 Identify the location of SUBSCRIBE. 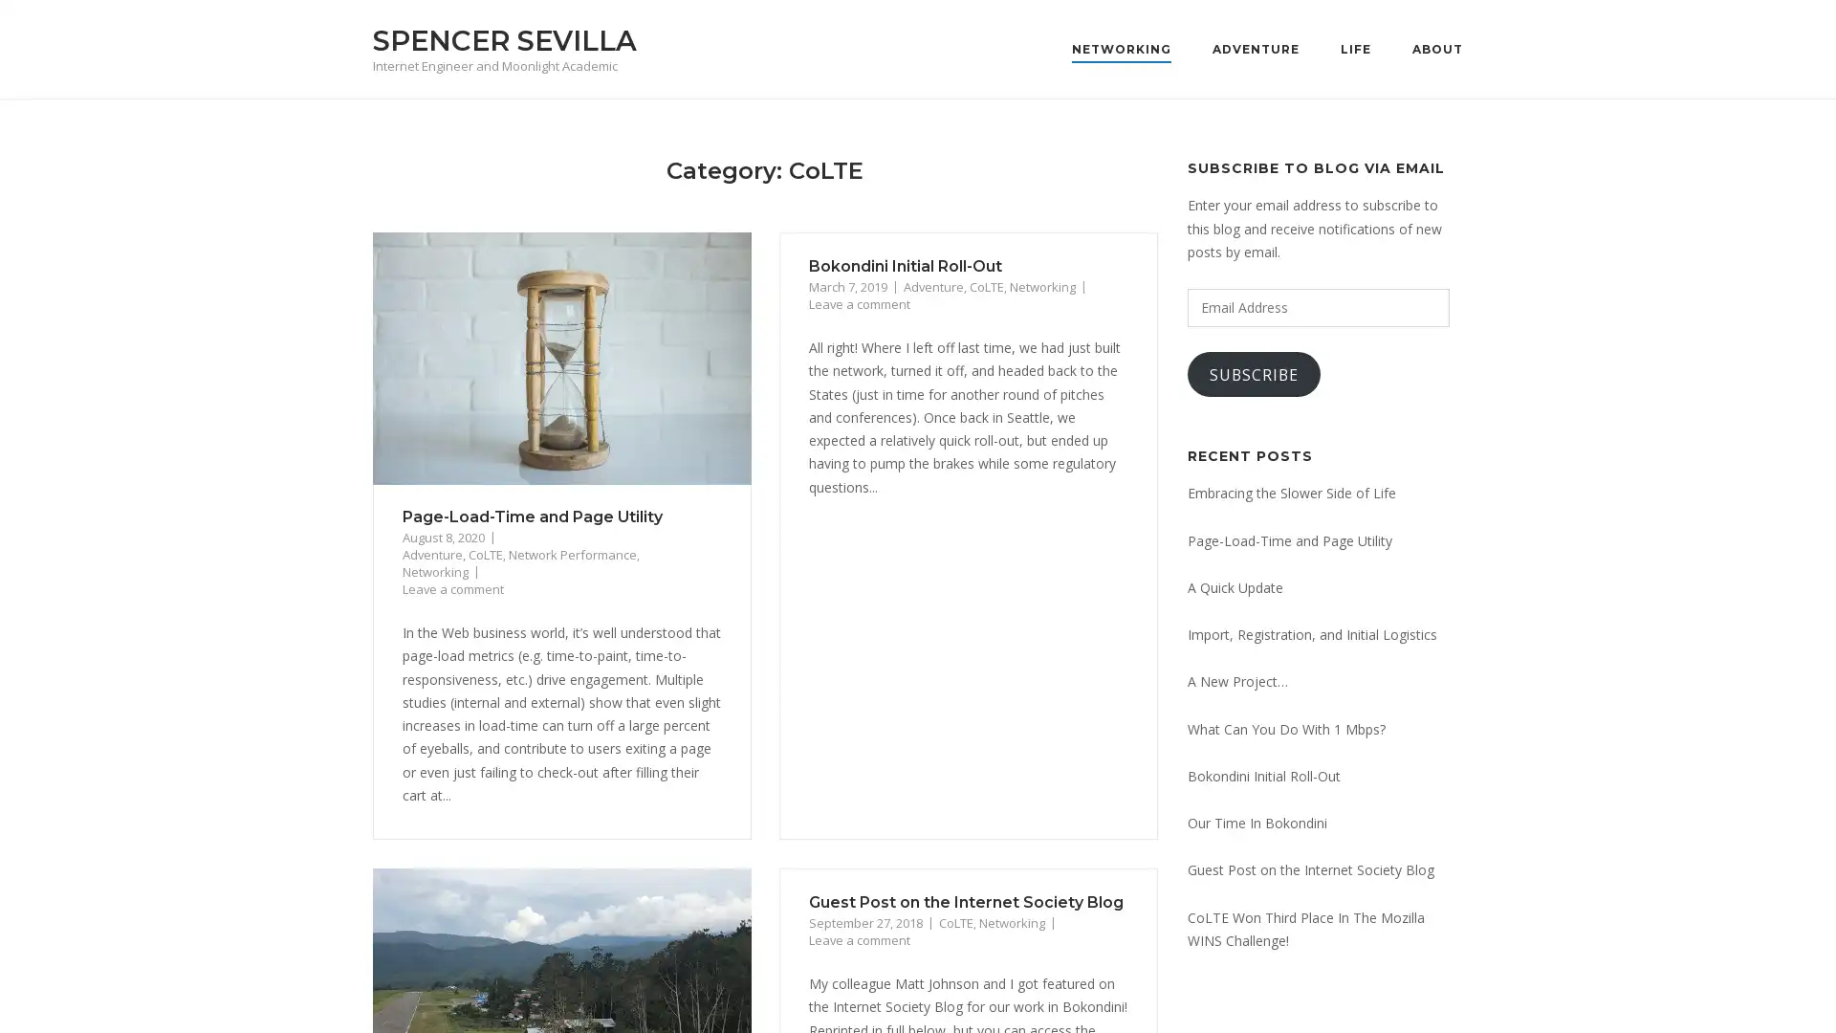
(1254, 374).